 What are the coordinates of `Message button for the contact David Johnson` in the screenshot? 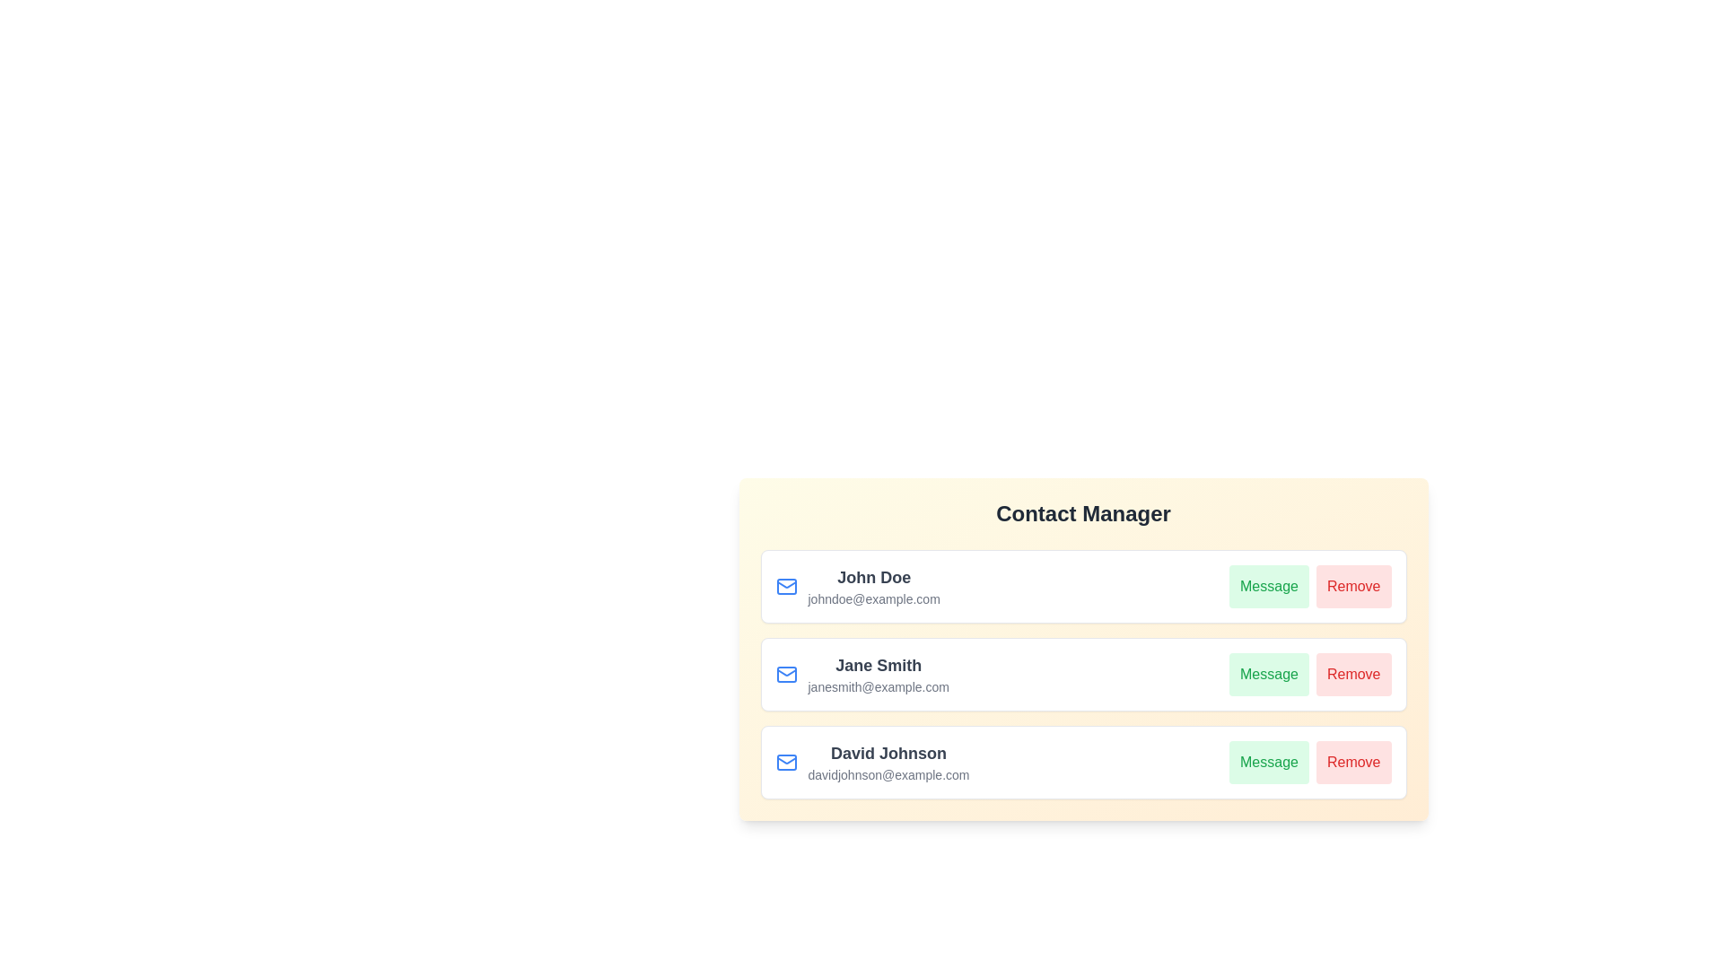 It's located at (1268, 762).